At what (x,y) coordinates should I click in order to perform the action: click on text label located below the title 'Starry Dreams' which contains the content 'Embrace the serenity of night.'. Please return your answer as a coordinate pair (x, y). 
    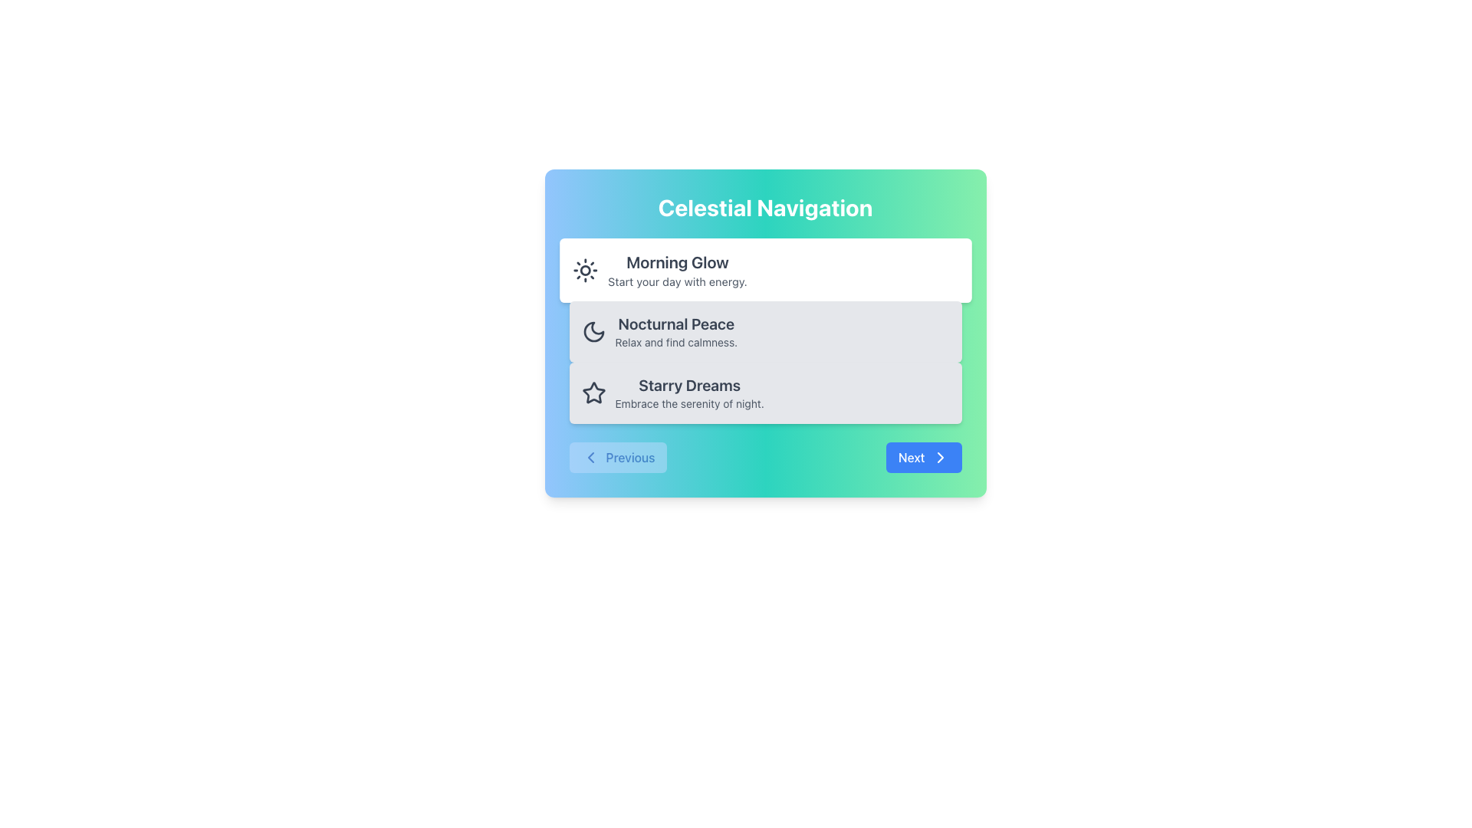
    Looking at the image, I should click on (688, 403).